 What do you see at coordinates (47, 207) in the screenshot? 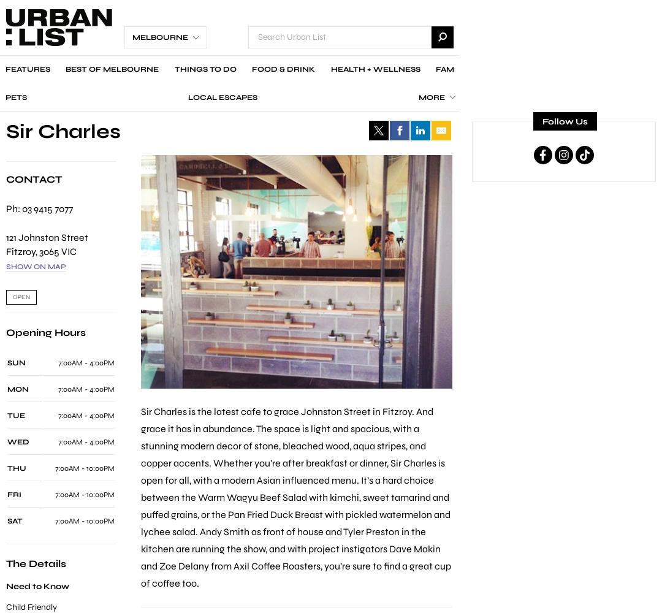
I see `'03 9415 7077'` at bounding box center [47, 207].